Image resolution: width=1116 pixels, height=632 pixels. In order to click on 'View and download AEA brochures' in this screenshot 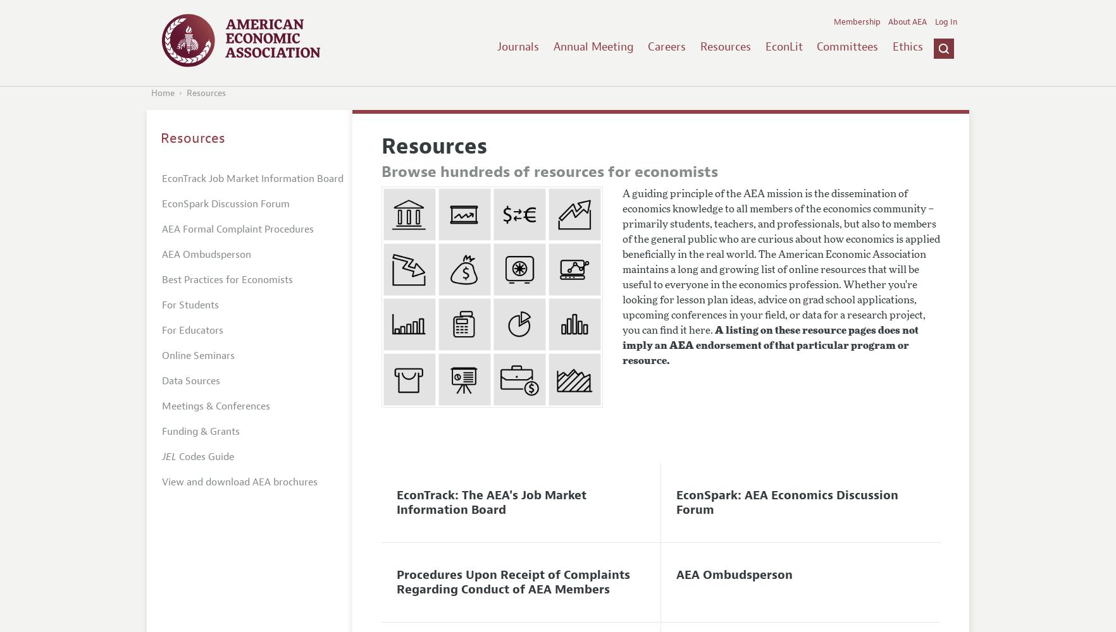, I will do `click(240, 482)`.